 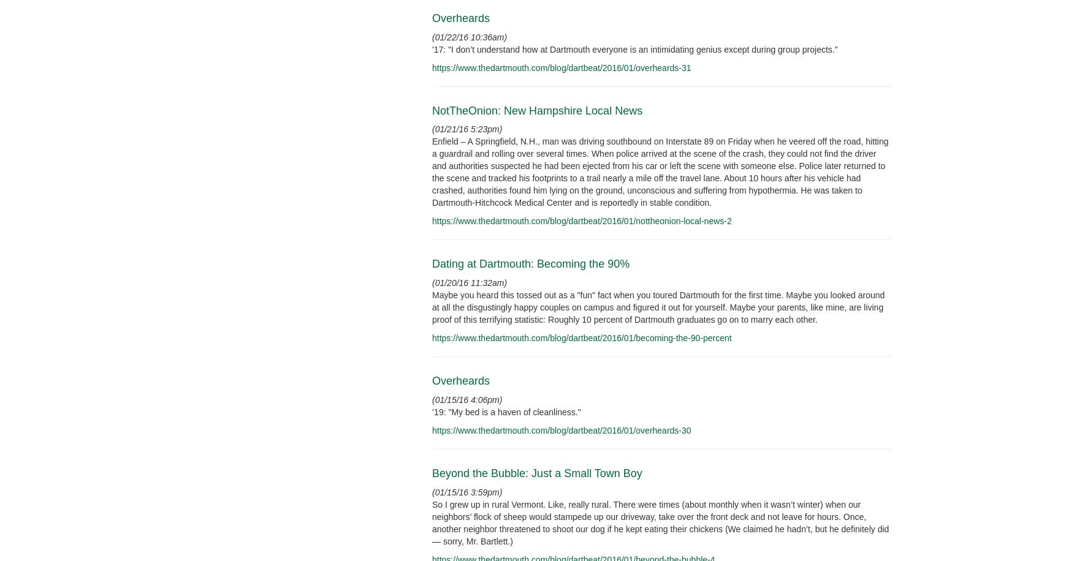 I want to click on 'https://www.thedartmouth.com/blog/dartbeat/2016/01/nottheonion-local-news-2', so click(x=581, y=220).